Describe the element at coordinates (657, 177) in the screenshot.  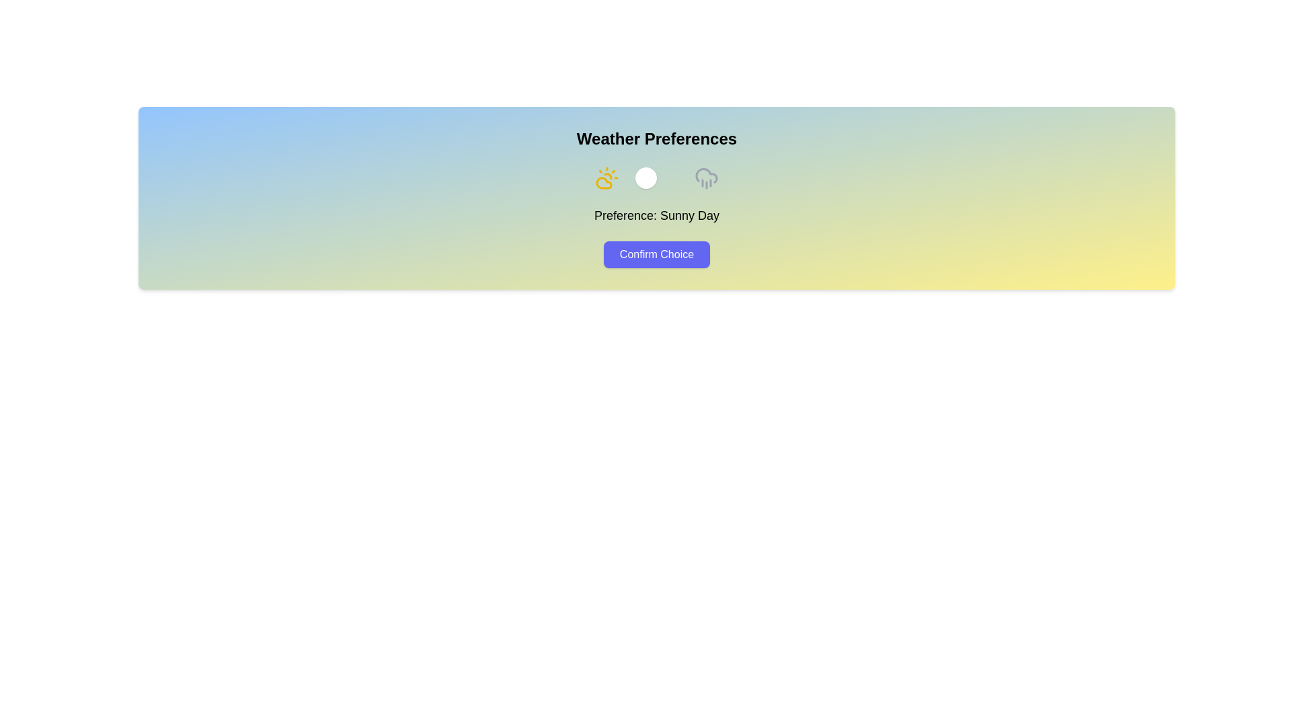
I see `toggle button to switch the weather preference` at that location.